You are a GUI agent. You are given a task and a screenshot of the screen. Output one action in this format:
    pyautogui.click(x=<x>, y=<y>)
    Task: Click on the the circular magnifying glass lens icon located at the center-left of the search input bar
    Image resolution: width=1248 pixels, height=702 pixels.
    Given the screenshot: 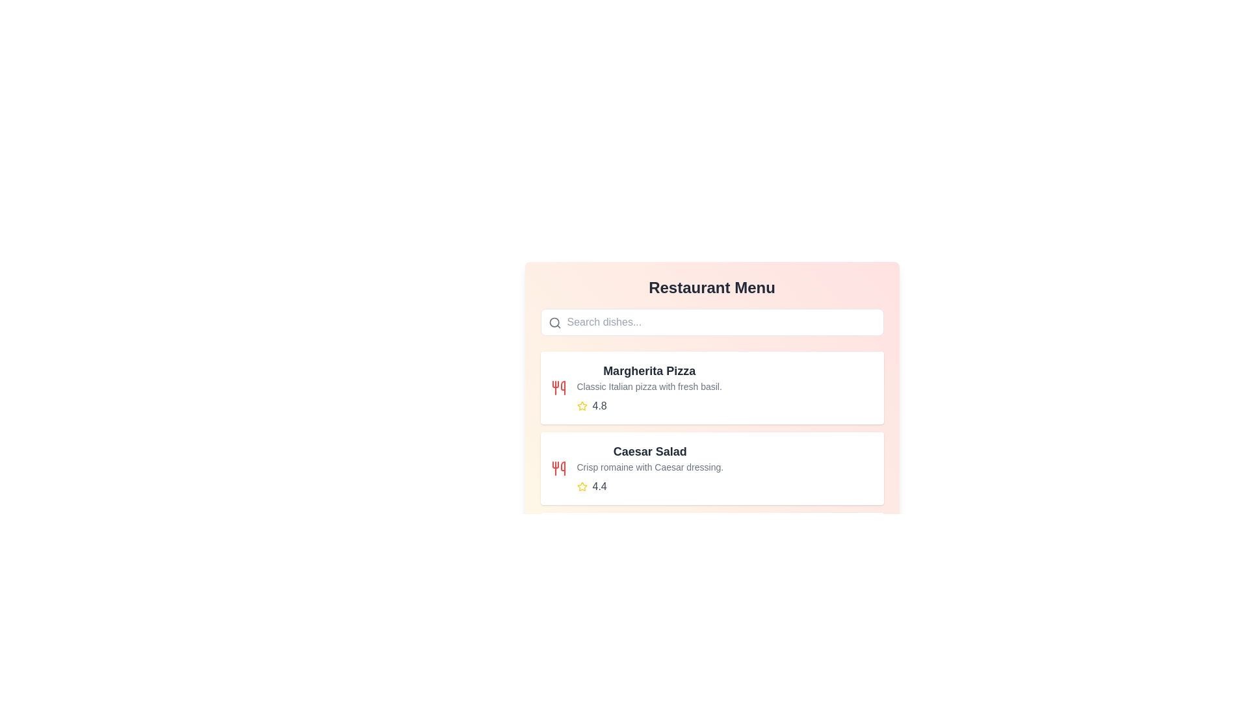 What is the action you would take?
    pyautogui.click(x=554, y=322)
    